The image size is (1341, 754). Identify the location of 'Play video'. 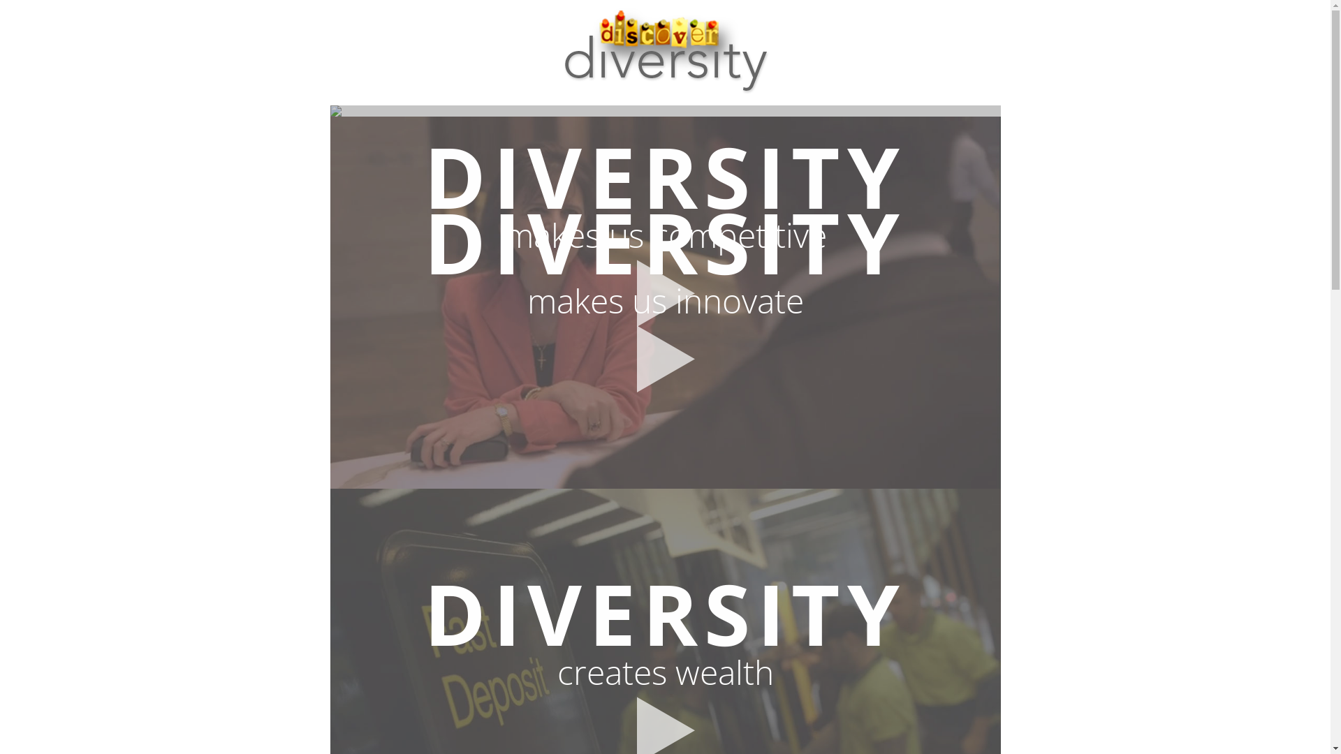
(664, 293).